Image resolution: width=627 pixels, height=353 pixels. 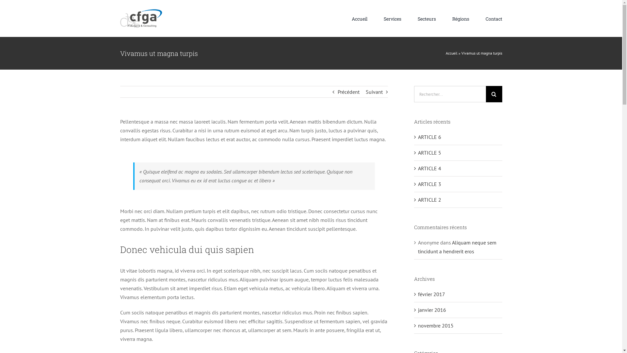 I want to click on 'ARTICLE 6', so click(x=418, y=137).